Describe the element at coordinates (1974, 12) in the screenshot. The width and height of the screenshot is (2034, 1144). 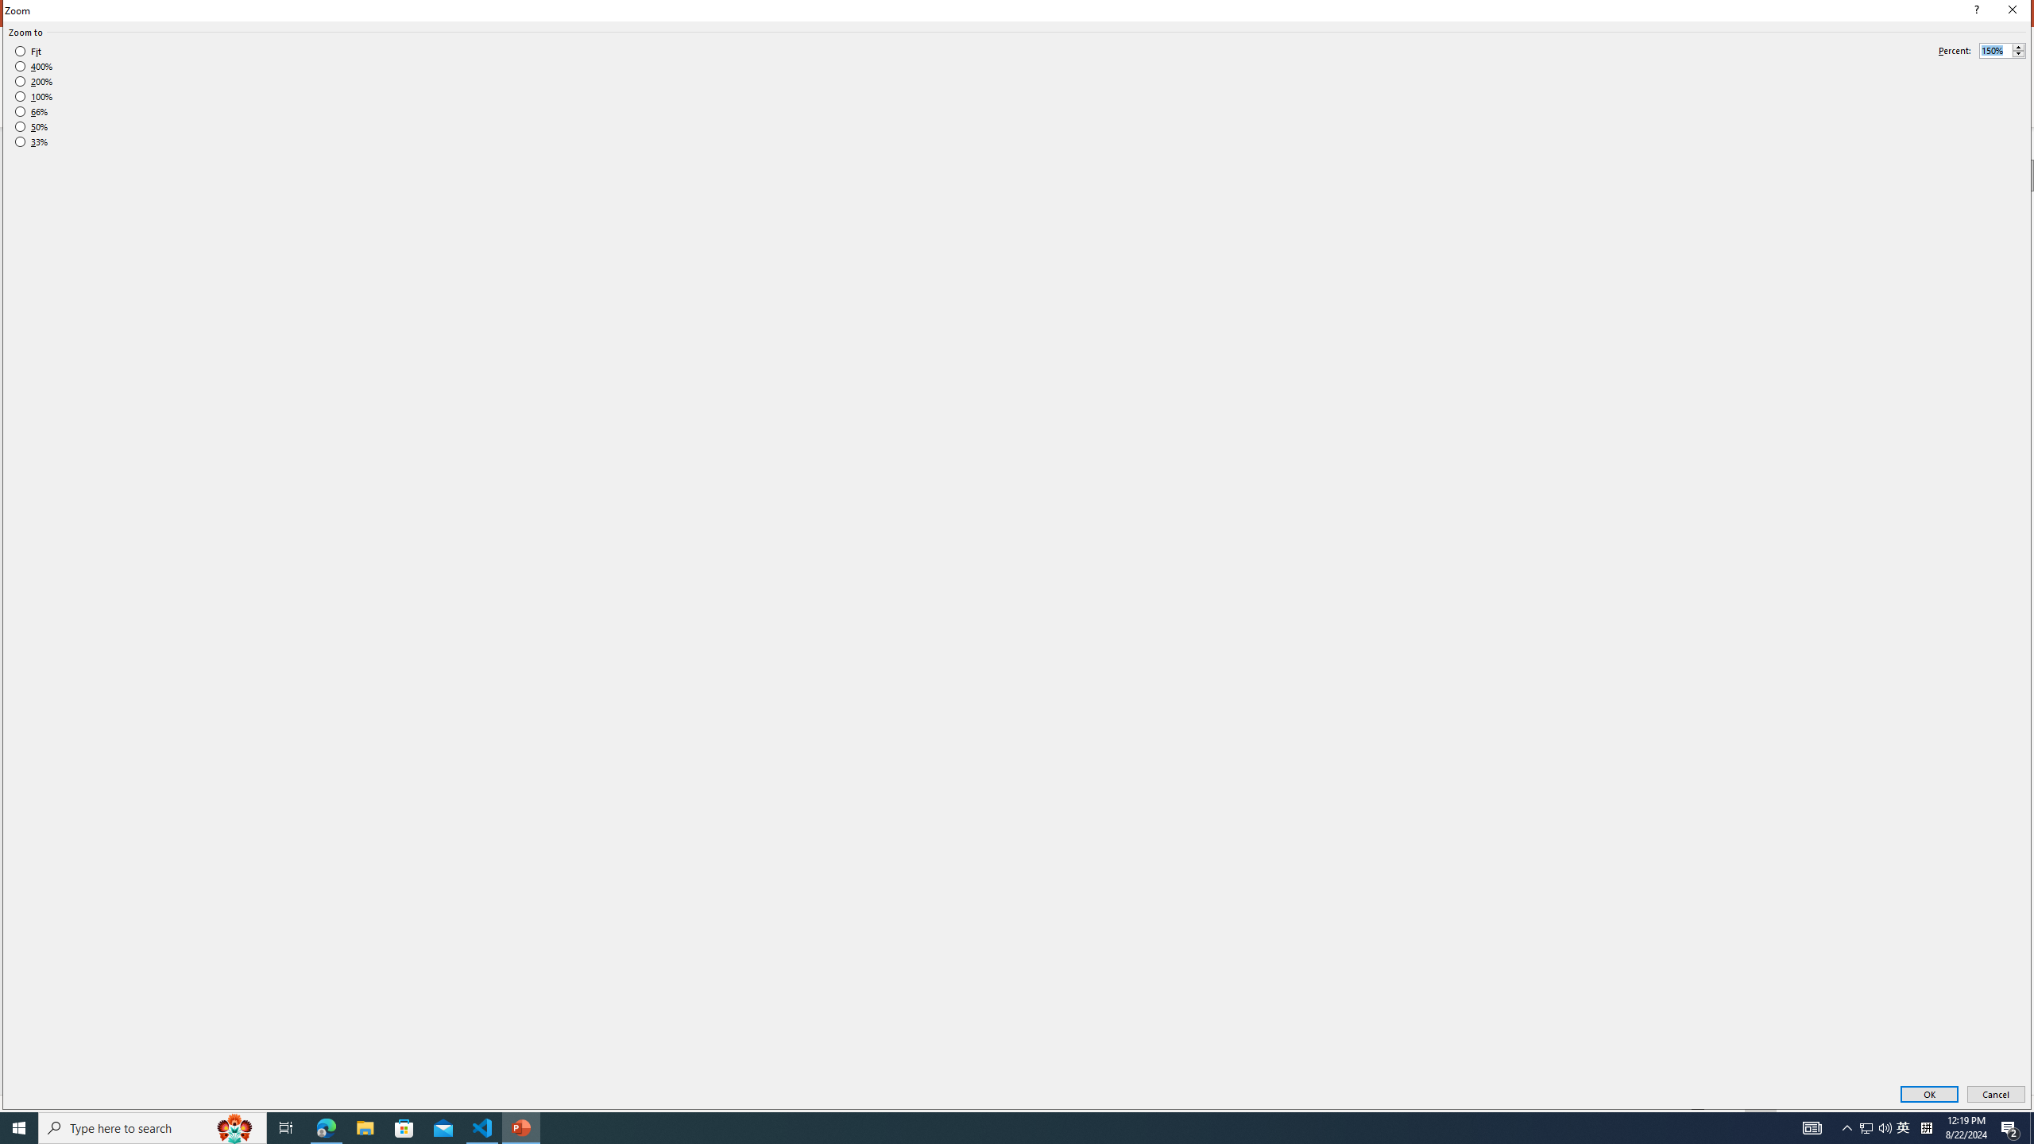
I see `'Context help'` at that location.